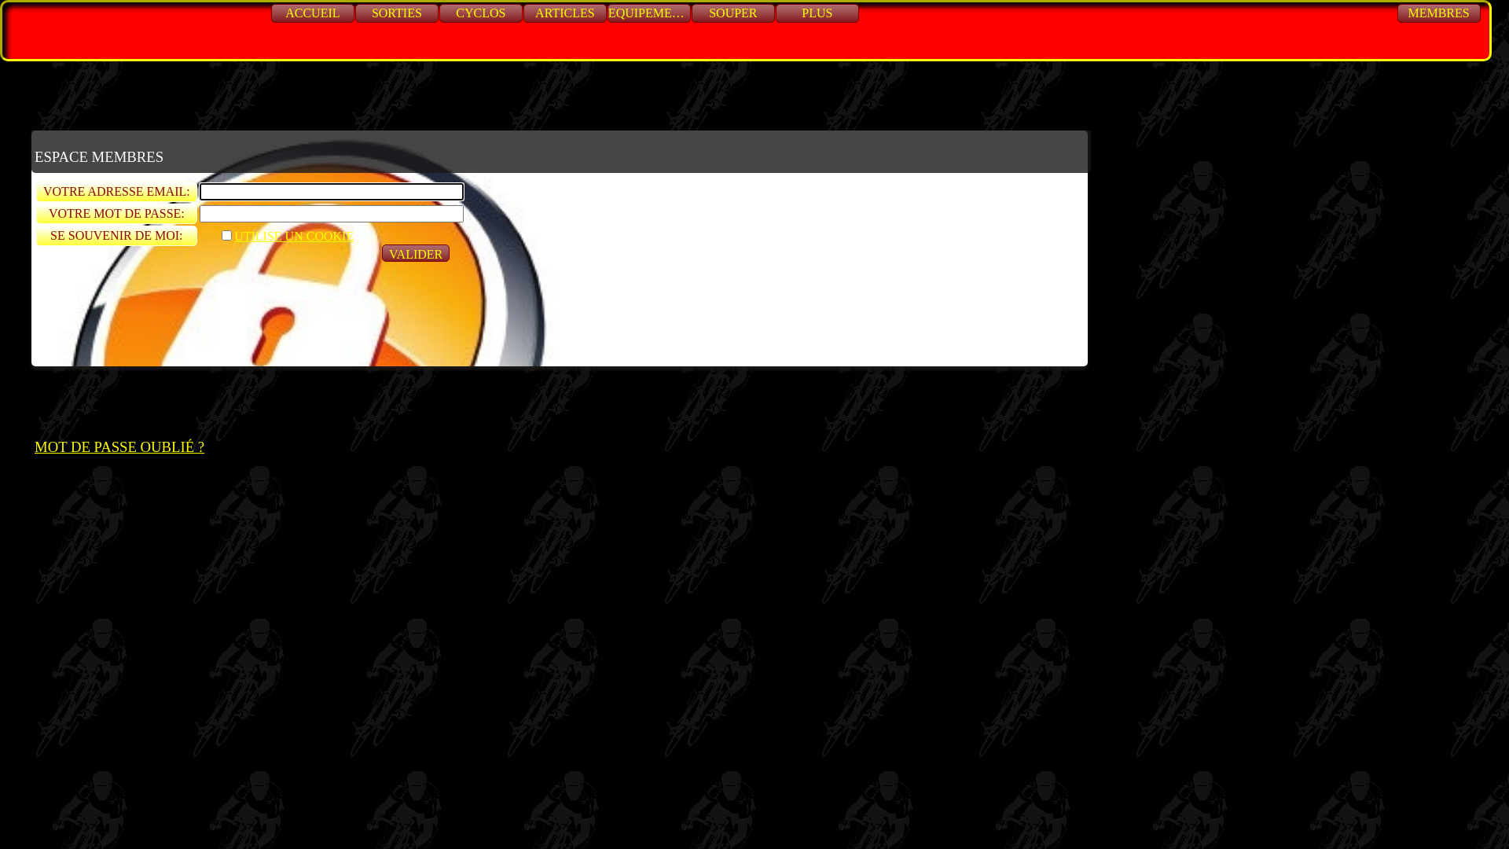  Describe the element at coordinates (817, 13) in the screenshot. I see `'PLUS'` at that location.